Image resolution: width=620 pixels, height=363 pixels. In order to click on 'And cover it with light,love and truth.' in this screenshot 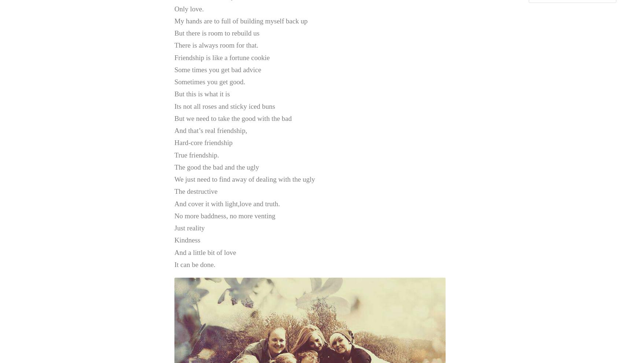, I will do `click(226, 203)`.